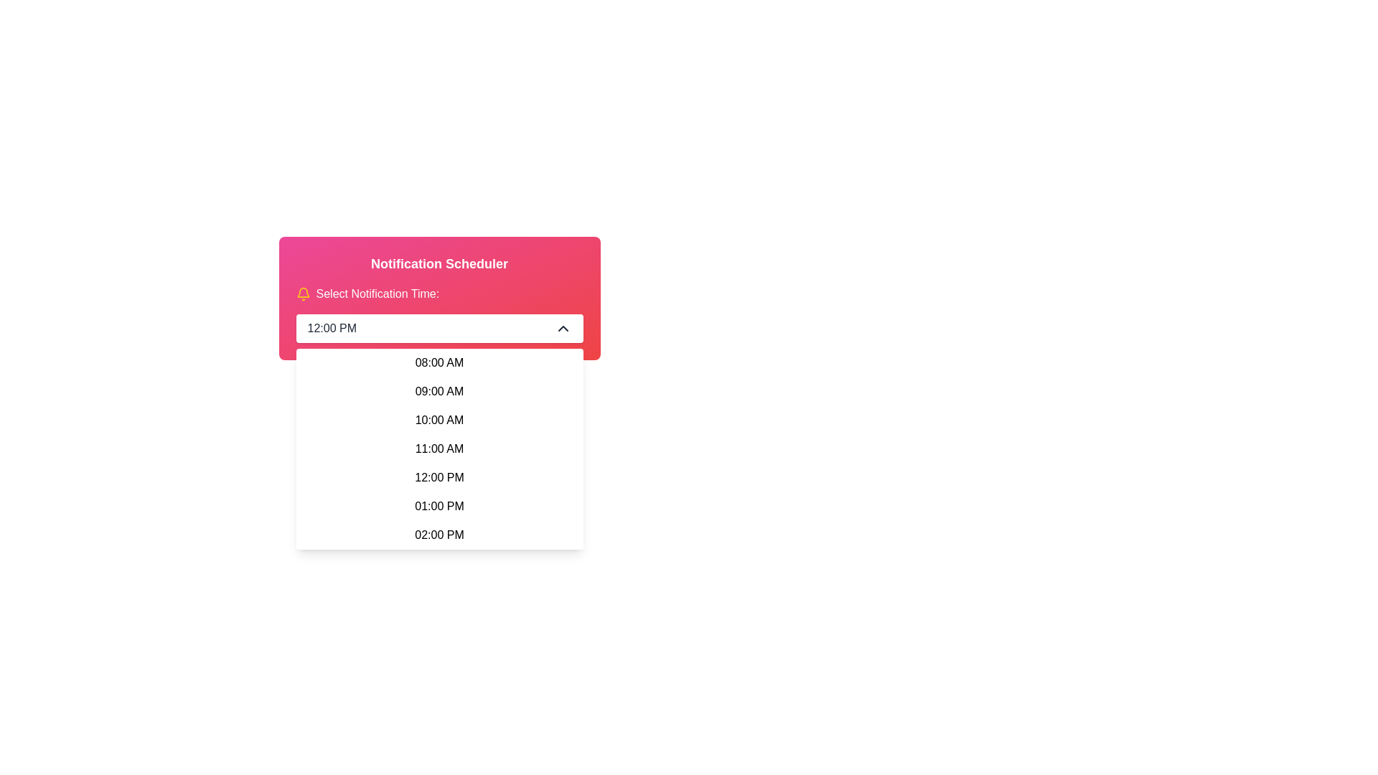 The width and height of the screenshot is (1378, 775). Describe the element at coordinates (439, 478) in the screenshot. I see `the selectable list item displaying '12:00 PM'` at that location.